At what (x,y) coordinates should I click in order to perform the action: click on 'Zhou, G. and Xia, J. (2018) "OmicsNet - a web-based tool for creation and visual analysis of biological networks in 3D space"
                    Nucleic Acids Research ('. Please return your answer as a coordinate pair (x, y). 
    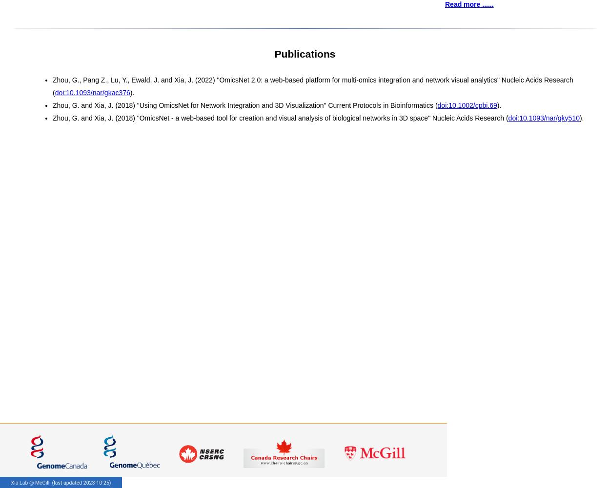
    Looking at the image, I should click on (280, 117).